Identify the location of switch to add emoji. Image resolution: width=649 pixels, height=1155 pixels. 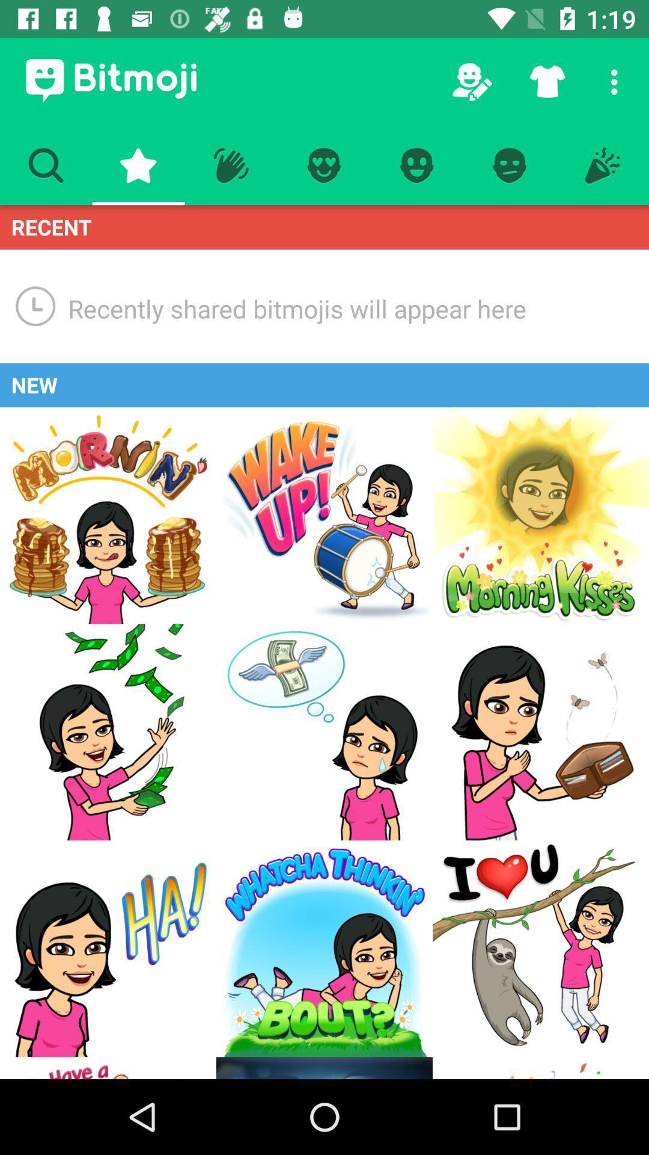
(540, 948).